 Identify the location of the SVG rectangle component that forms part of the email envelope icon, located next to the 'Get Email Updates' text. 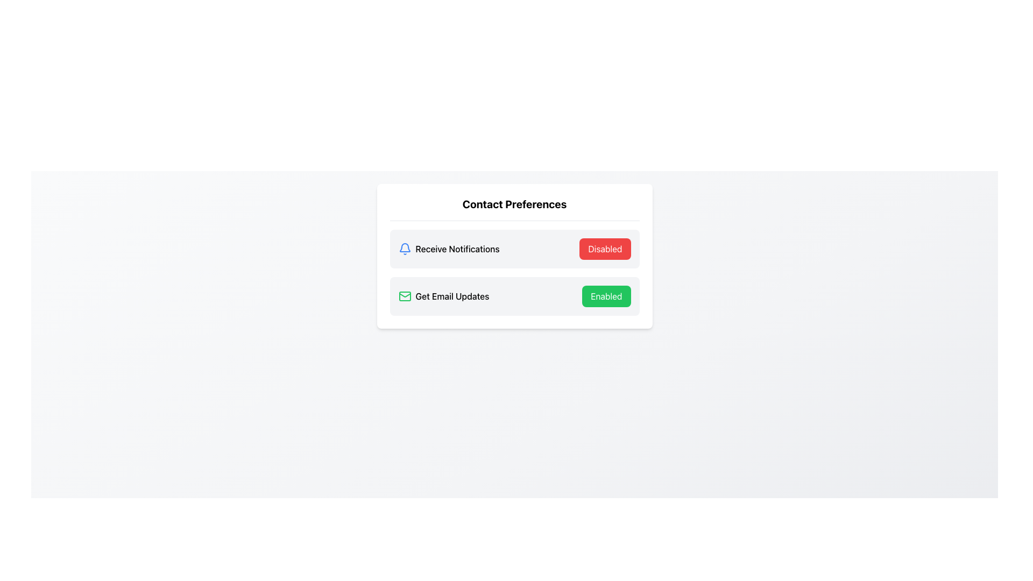
(404, 296).